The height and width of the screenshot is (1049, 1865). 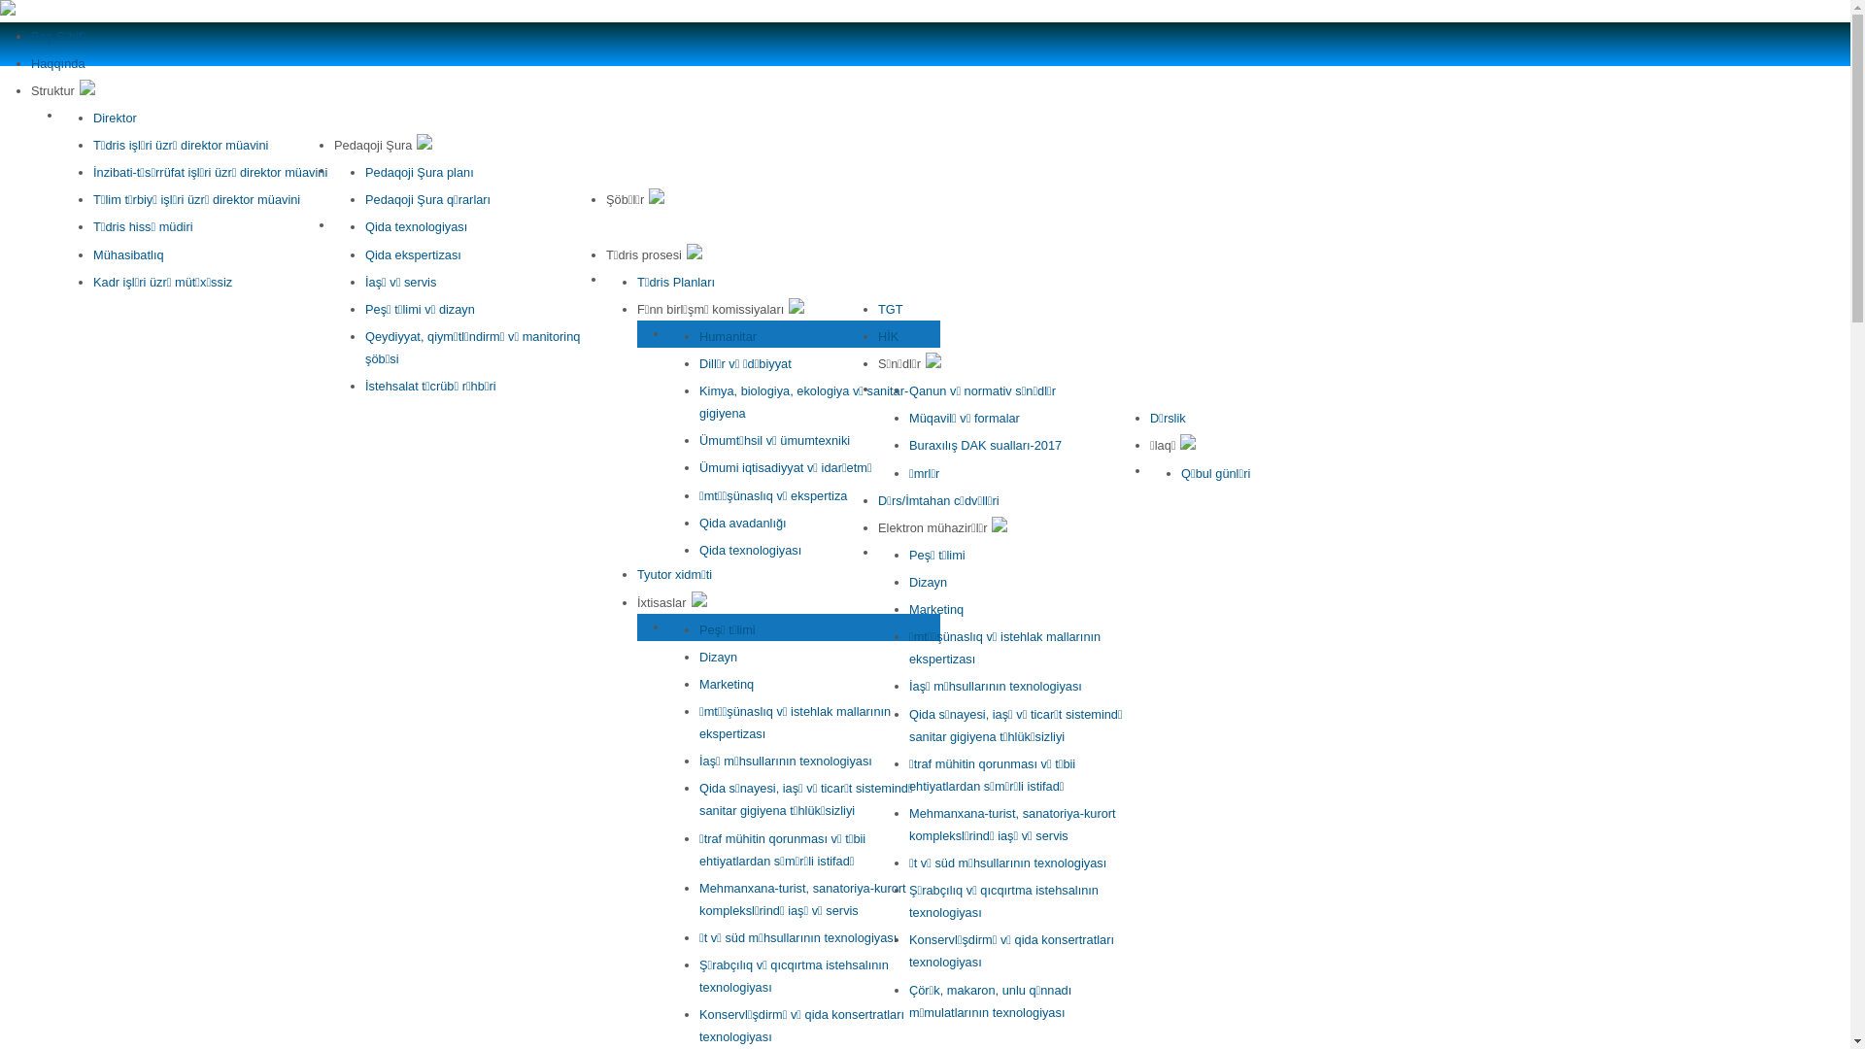 I want to click on 'Marketinq', so click(x=726, y=683).